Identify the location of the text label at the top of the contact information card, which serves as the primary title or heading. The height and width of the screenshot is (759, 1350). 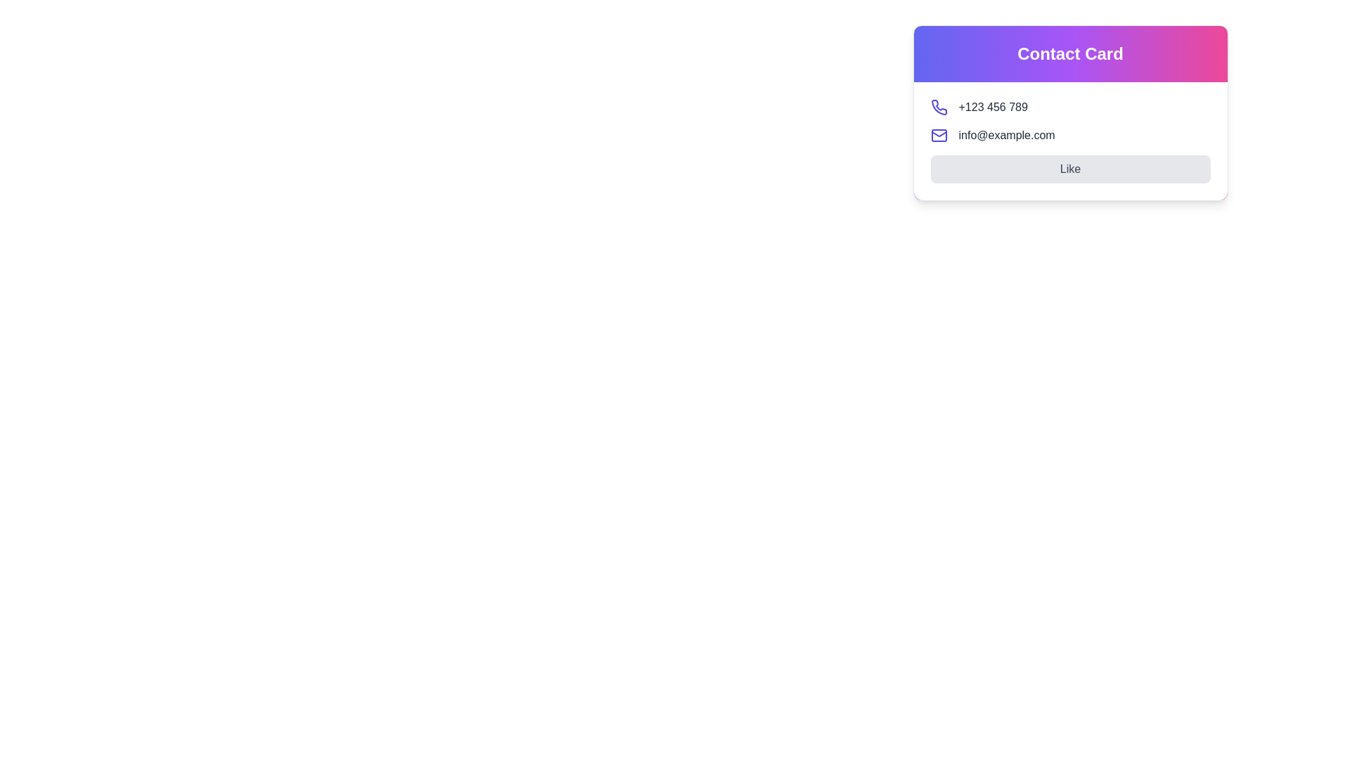
(1069, 53).